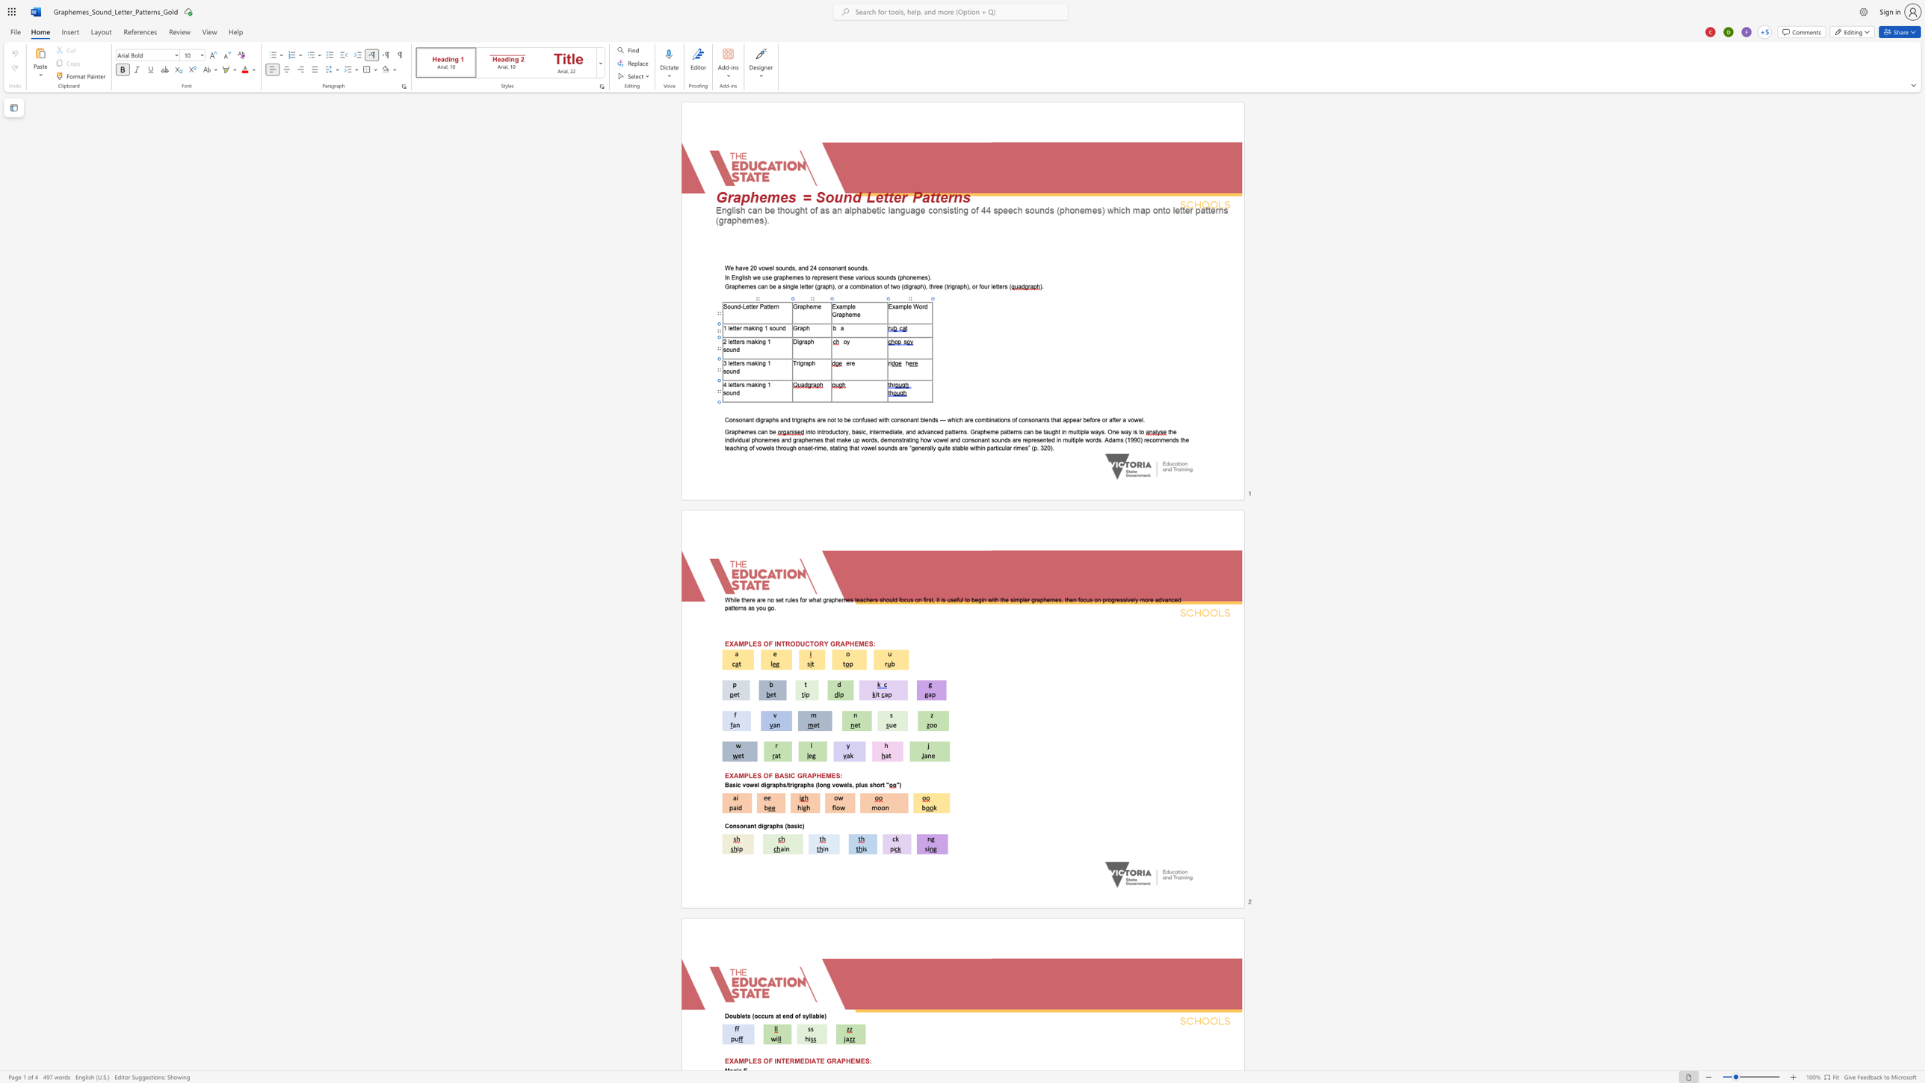 This screenshot has height=1083, width=1925. What do you see at coordinates (843, 1061) in the screenshot?
I see `the 2th character "P" in the text` at bounding box center [843, 1061].